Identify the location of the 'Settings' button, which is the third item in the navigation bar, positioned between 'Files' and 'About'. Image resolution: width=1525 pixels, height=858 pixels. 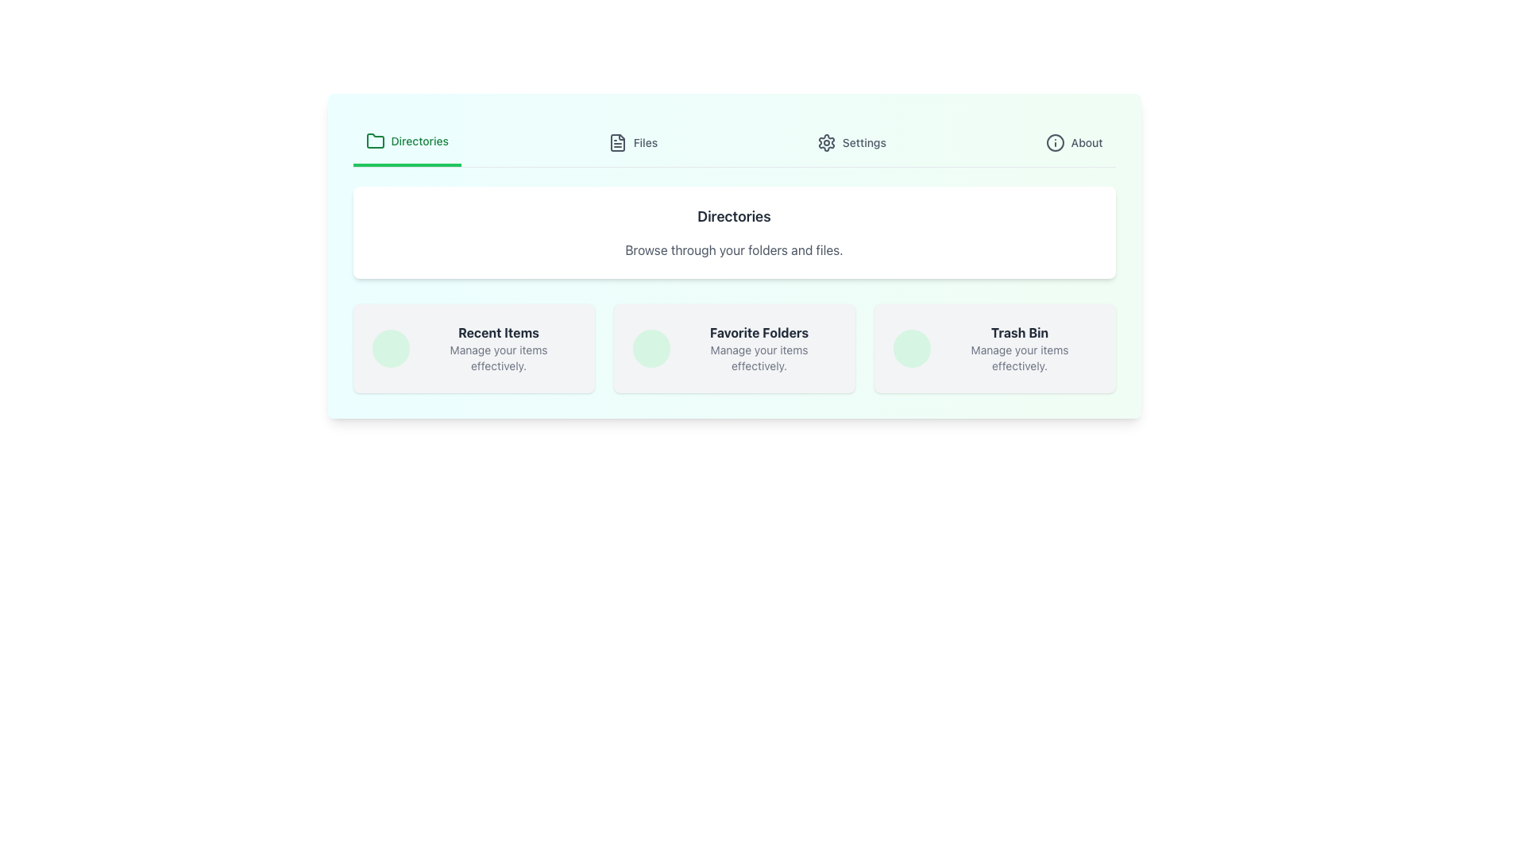
(851, 143).